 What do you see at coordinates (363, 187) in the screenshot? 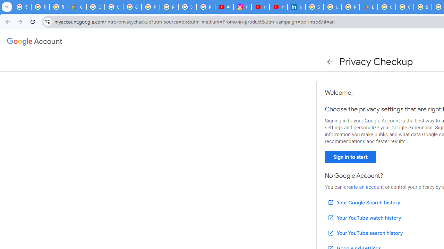
I see `'create an account'` at bounding box center [363, 187].